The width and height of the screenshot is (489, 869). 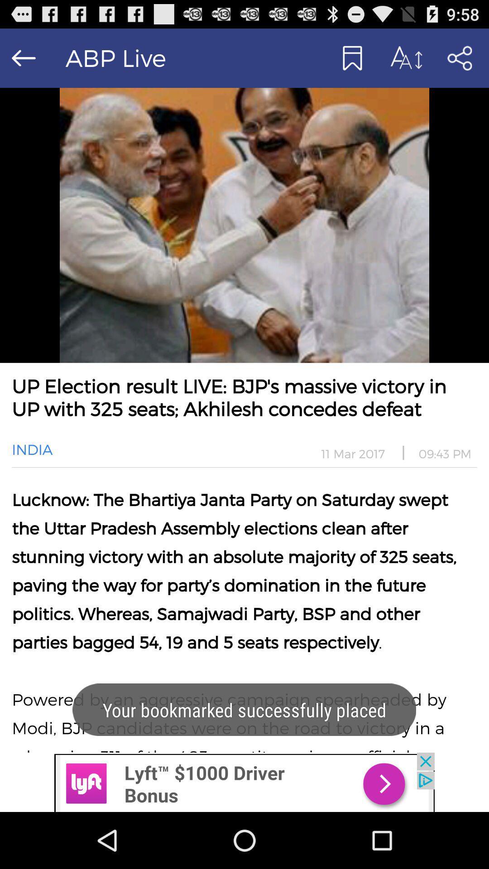 What do you see at coordinates (23, 62) in the screenshot?
I see `the arrow_backward icon` at bounding box center [23, 62].